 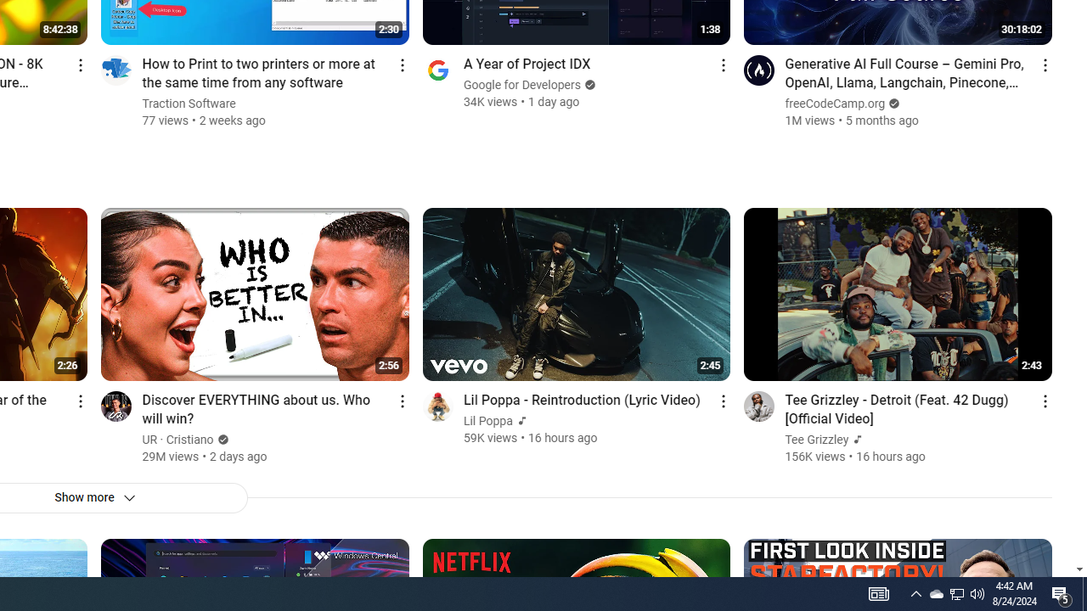 What do you see at coordinates (856, 439) in the screenshot?
I see `'Official Artist Channel'` at bounding box center [856, 439].